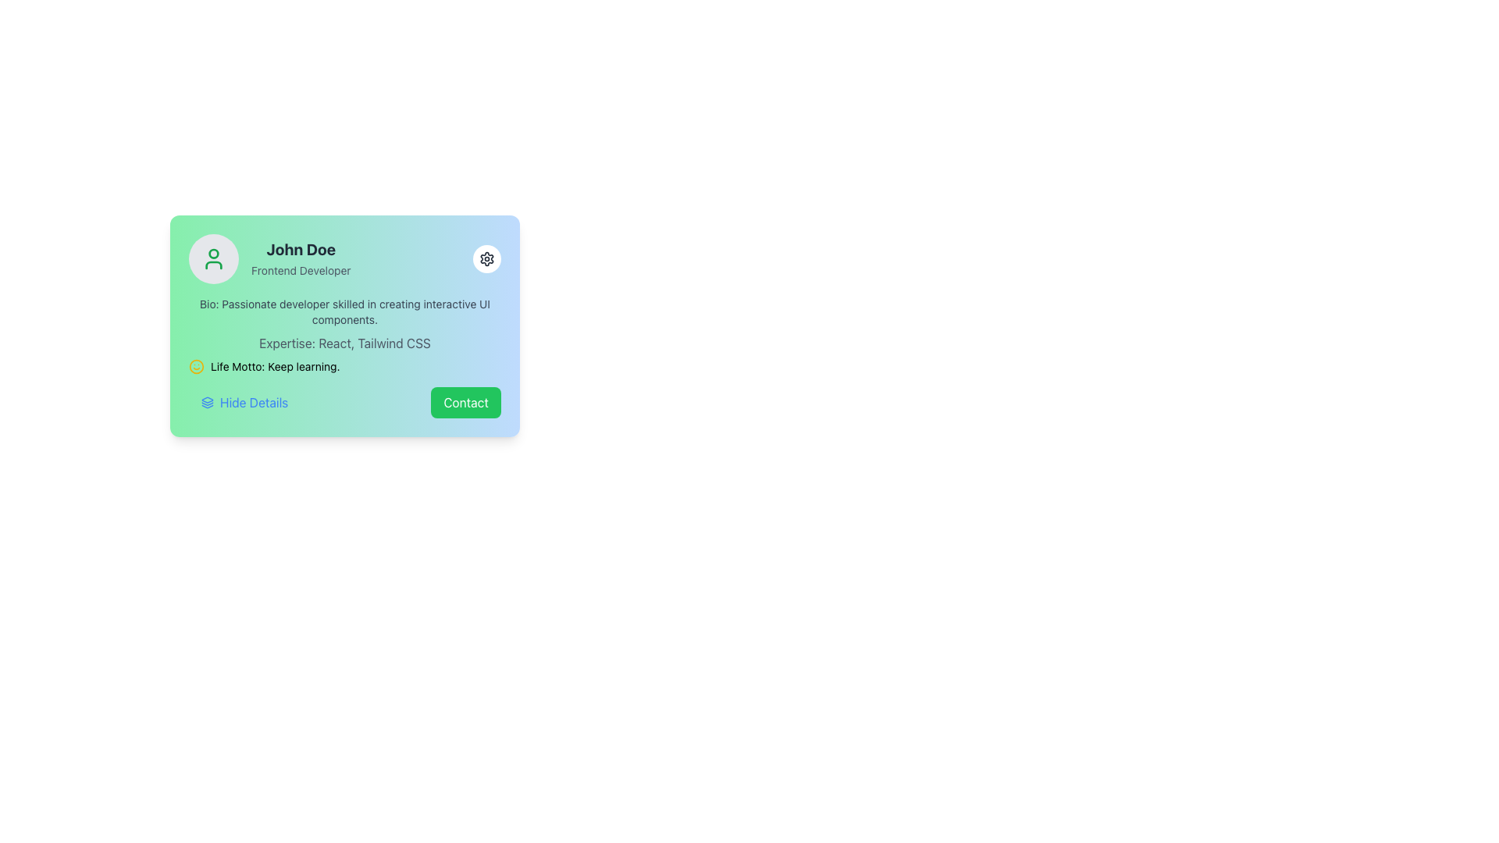 Image resolution: width=1499 pixels, height=843 pixels. What do you see at coordinates (344, 342) in the screenshot?
I see `the Text Label that provides information about the person's expertise in React and Tailwind CSS, located between the Bio and Life Motto text components` at bounding box center [344, 342].